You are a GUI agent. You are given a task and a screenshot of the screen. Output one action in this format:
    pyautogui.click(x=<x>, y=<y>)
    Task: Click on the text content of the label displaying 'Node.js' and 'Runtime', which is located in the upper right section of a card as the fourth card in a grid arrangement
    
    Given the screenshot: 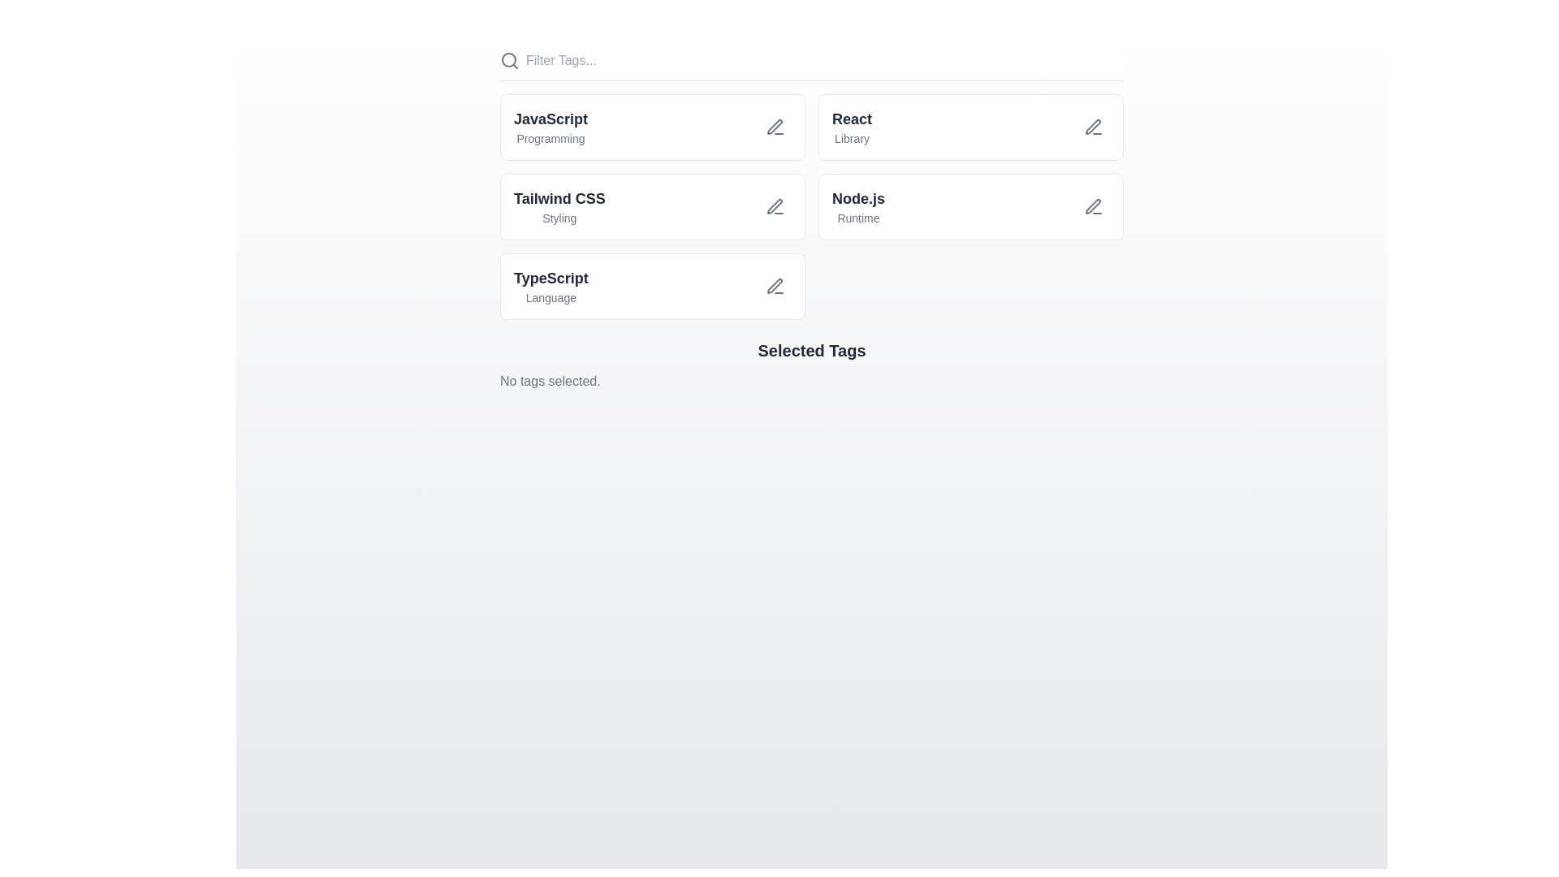 What is the action you would take?
    pyautogui.click(x=857, y=205)
    